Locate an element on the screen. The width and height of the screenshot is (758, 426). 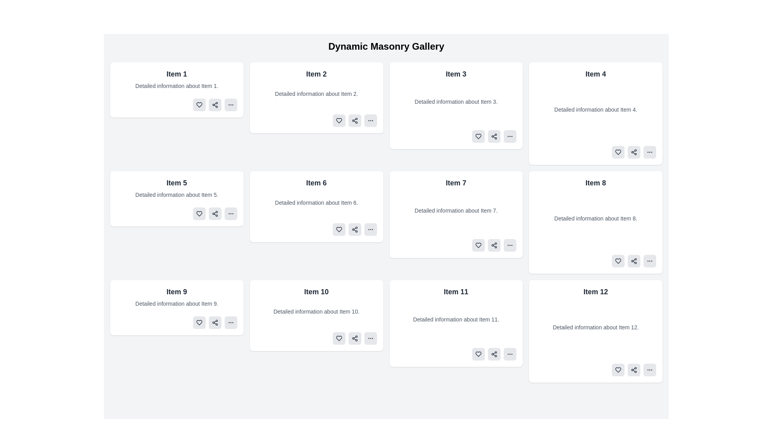
the hollow heart-shaped vector graphic icon located in the first row of the dynamic masonry gallery under 'Item 1' is located at coordinates (199, 105).